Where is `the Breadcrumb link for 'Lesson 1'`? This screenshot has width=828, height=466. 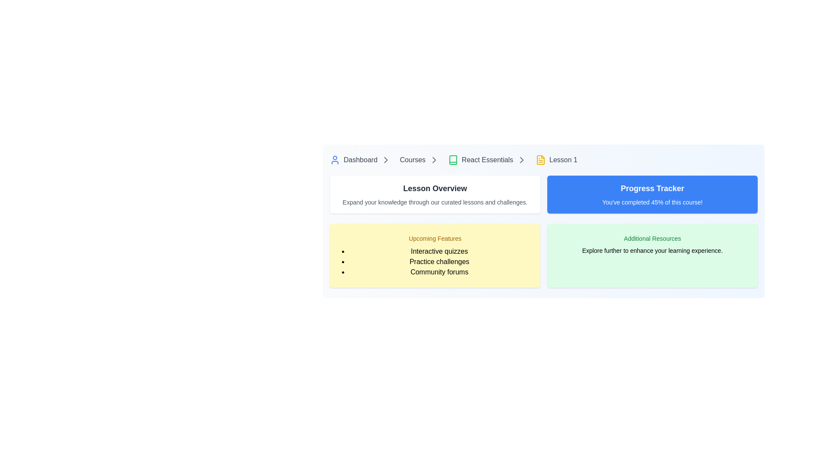 the Breadcrumb link for 'Lesson 1' is located at coordinates (556, 160).